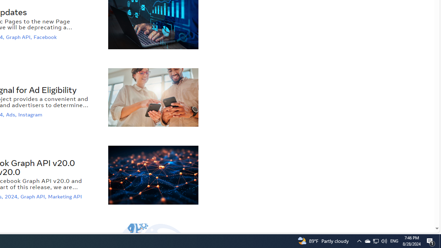 This screenshot has width=441, height=248. I want to click on '2024,', so click(12, 197).